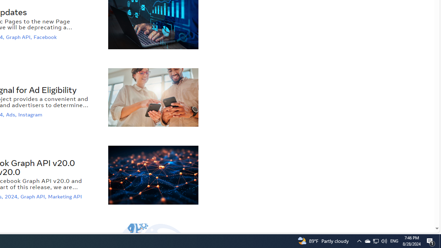 This screenshot has width=441, height=248. I want to click on '2024,', so click(12, 197).